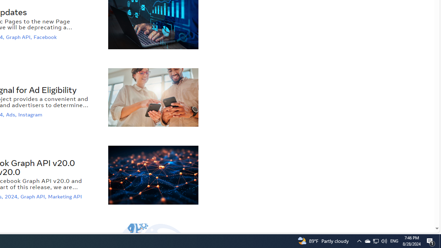 This screenshot has width=441, height=248. I want to click on '2024,', so click(12, 197).